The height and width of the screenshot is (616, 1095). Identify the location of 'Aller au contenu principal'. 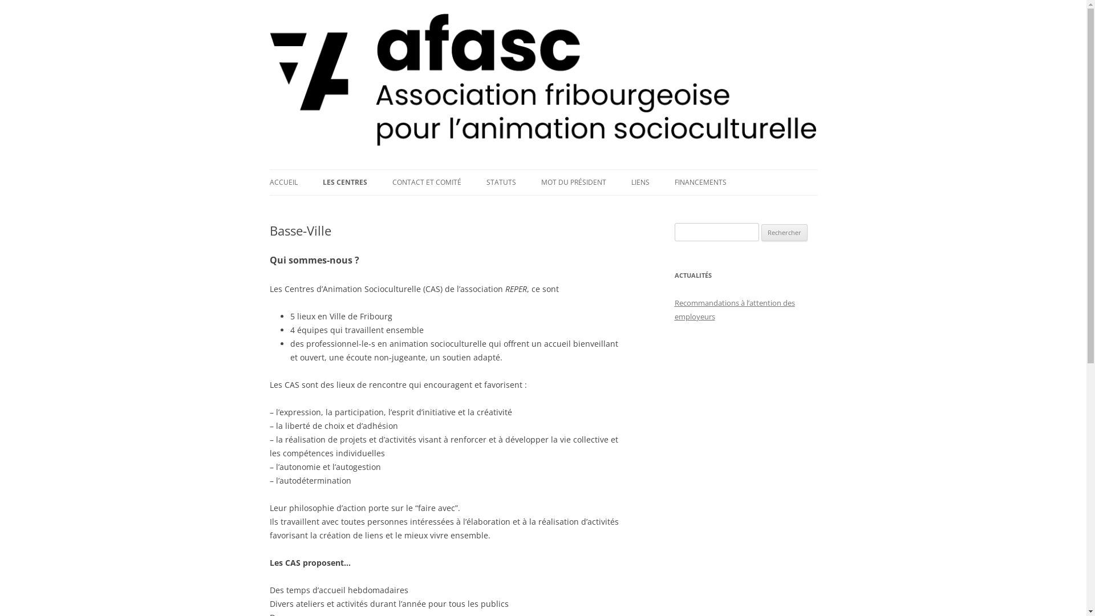
(542, 169).